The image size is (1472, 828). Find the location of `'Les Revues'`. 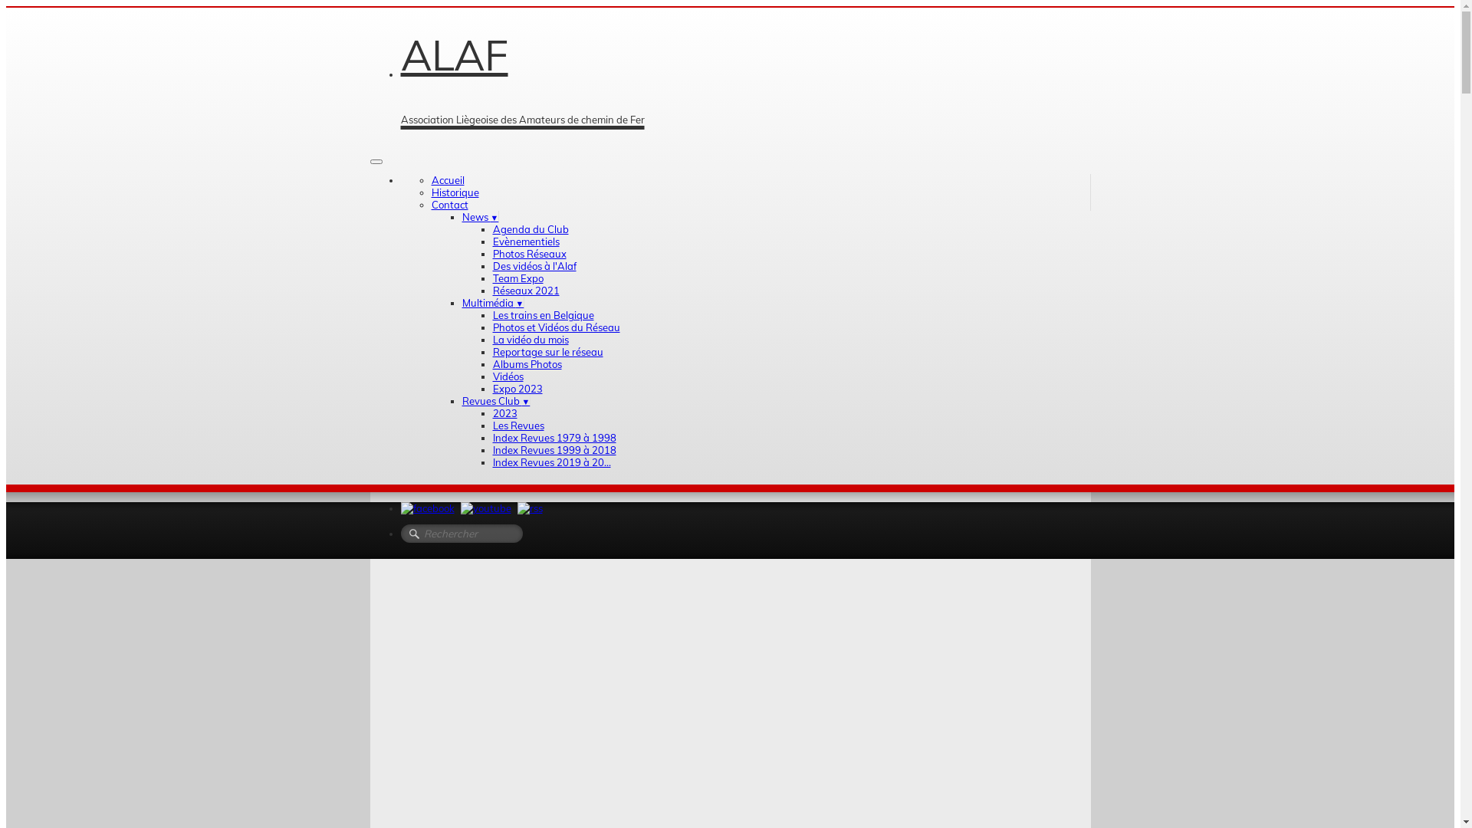

'Les Revues' is located at coordinates (492, 426).